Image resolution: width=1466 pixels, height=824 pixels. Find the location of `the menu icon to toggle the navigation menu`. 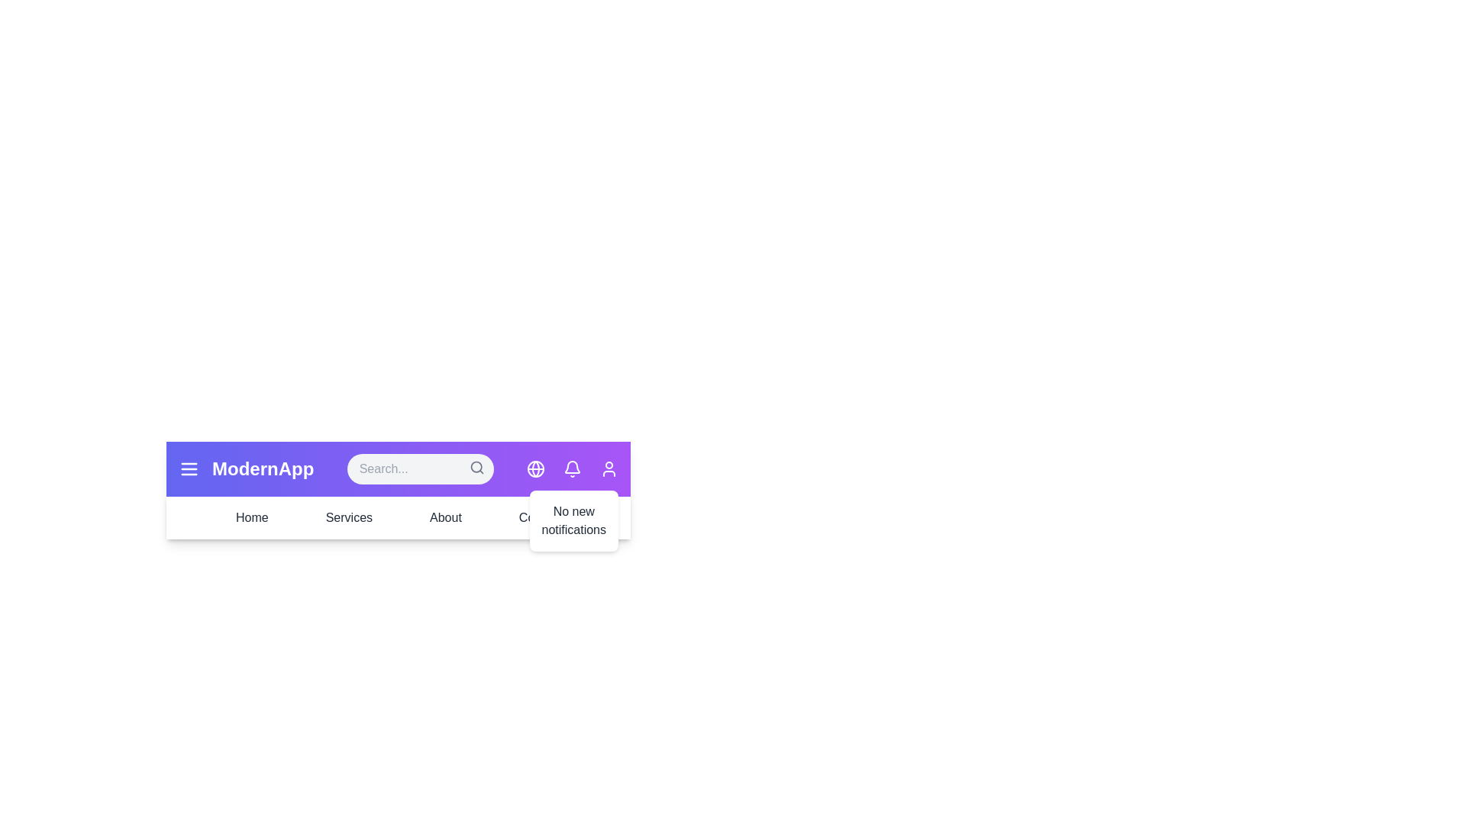

the menu icon to toggle the navigation menu is located at coordinates (189, 468).